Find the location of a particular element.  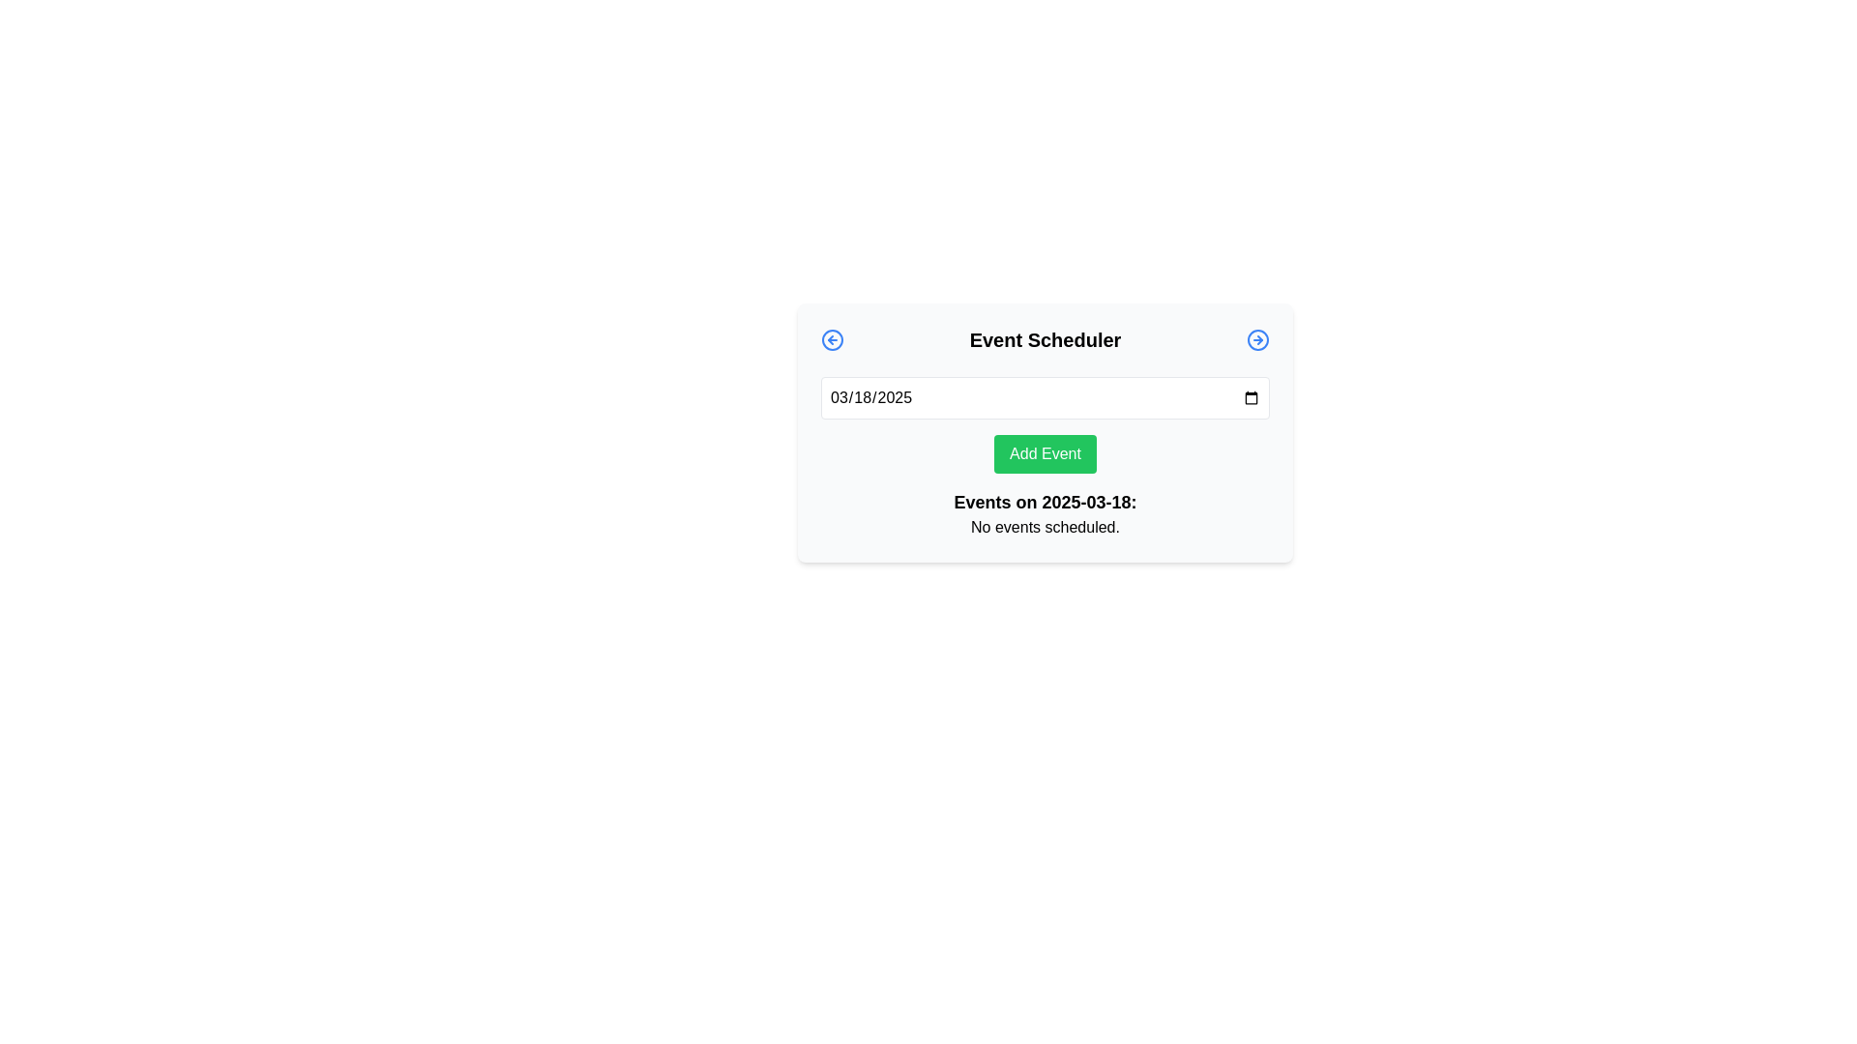

the 'Add Event' button located centrally below the date input field in the 'Event Scheduler' is located at coordinates (1044, 431).